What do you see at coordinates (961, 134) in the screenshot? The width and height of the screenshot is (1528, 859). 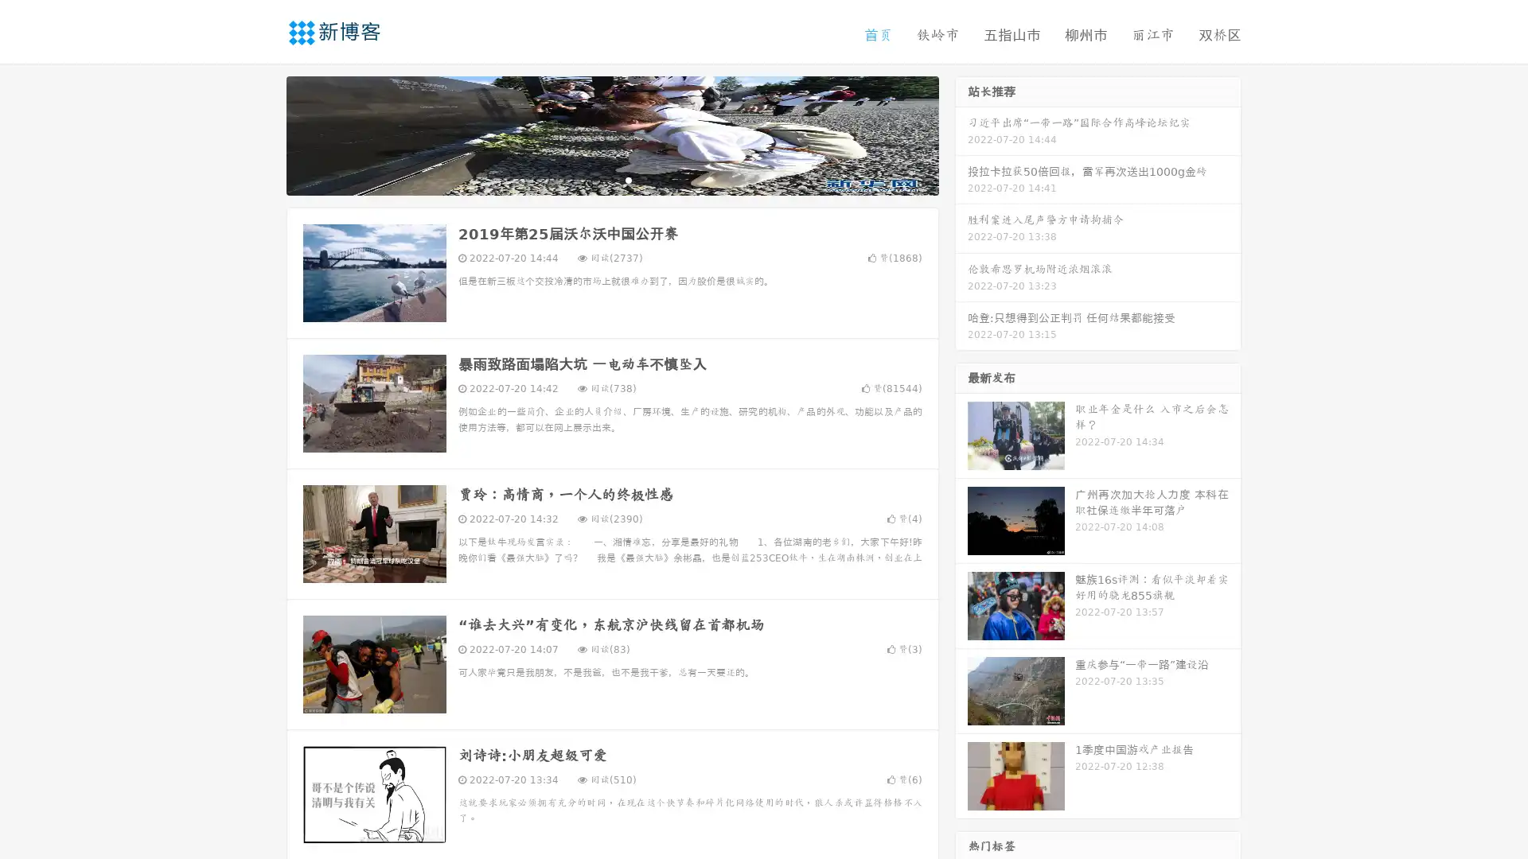 I see `Next slide` at bounding box center [961, 134].